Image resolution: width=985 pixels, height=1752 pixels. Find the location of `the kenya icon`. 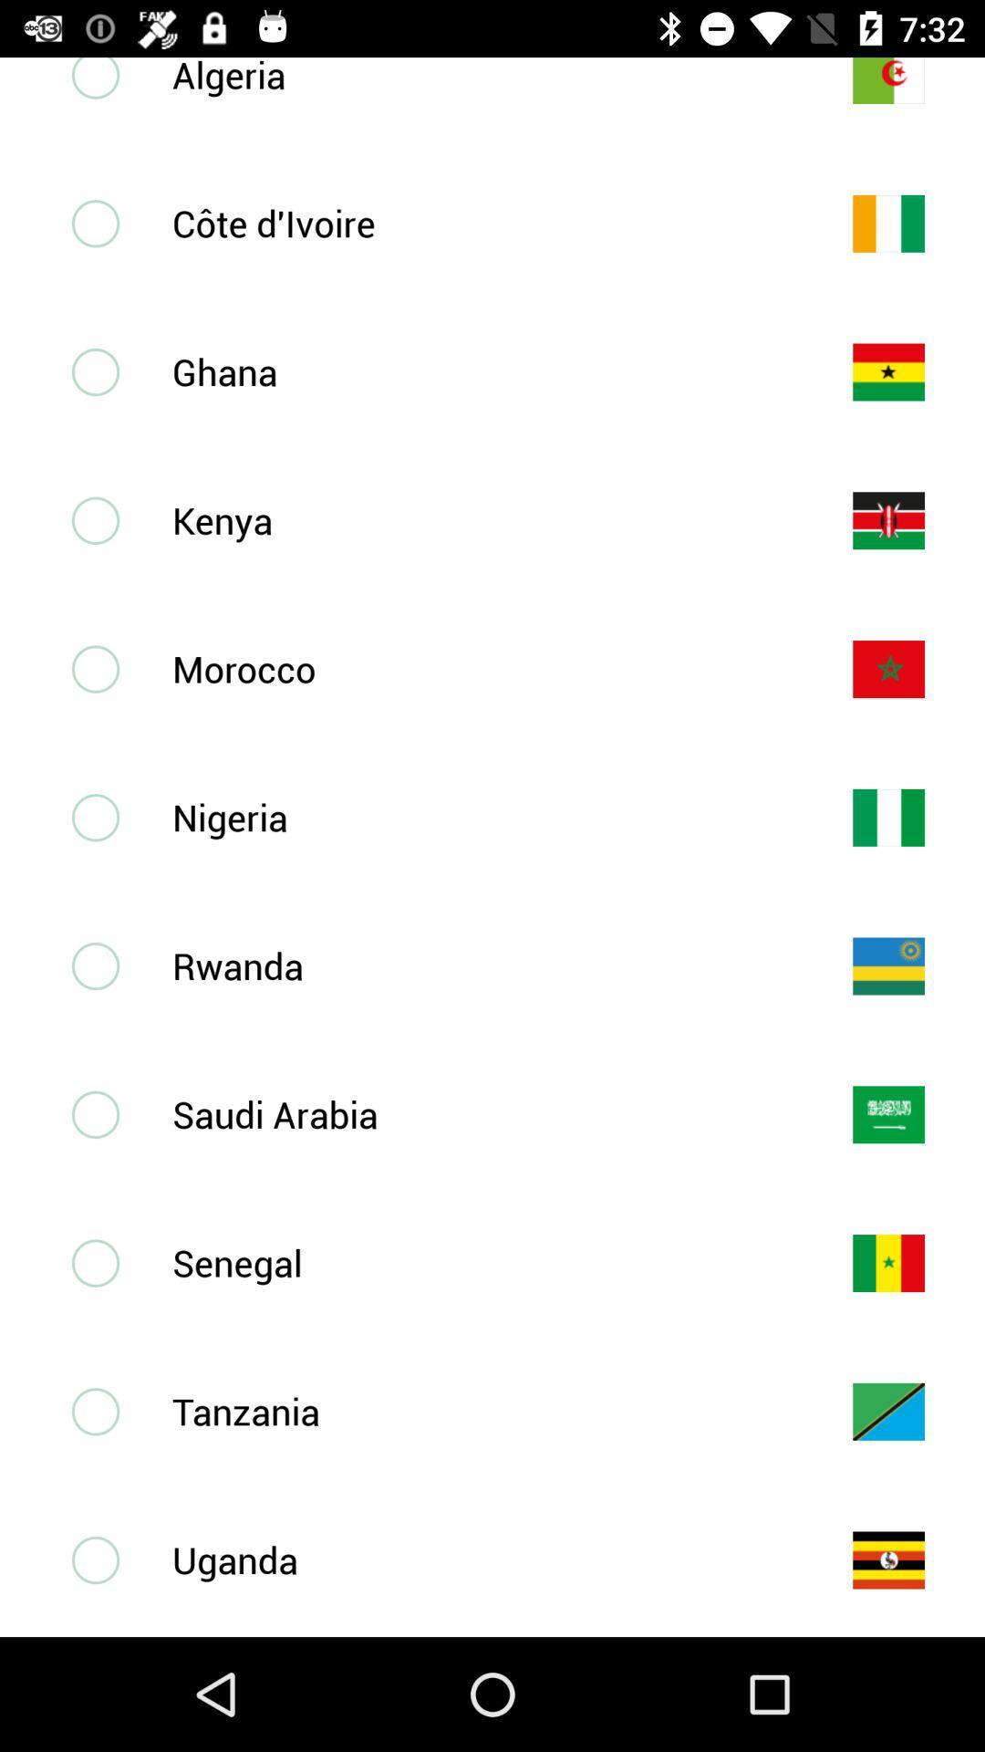

the kenya icon is located at coordinates (482, 519).